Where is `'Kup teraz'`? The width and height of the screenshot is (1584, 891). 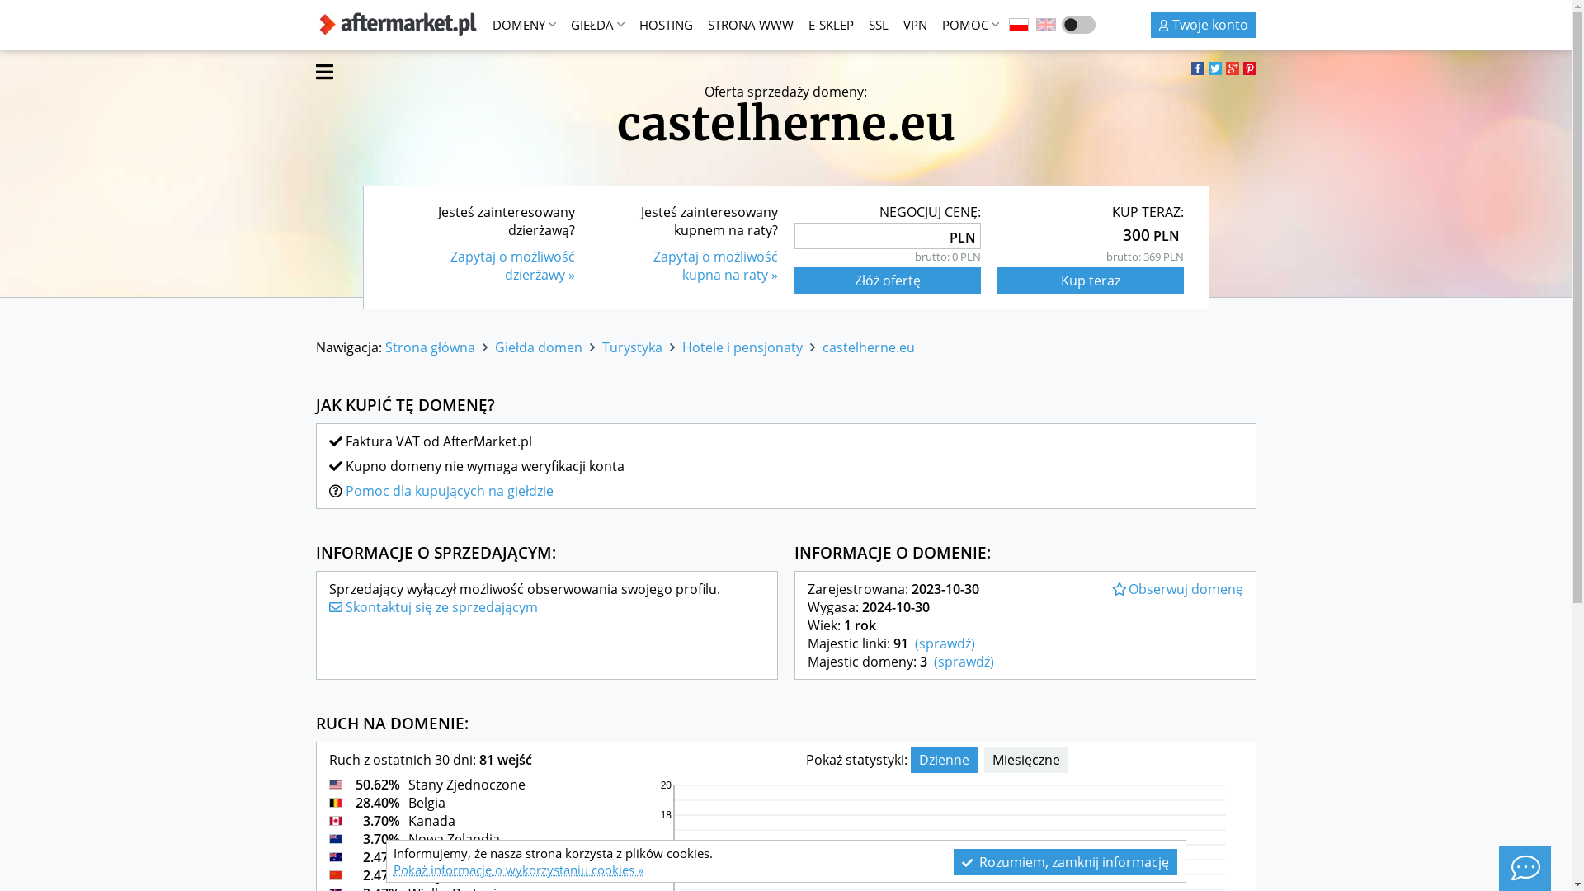 'Kup teraz' is located at coordinates (1089, 279).